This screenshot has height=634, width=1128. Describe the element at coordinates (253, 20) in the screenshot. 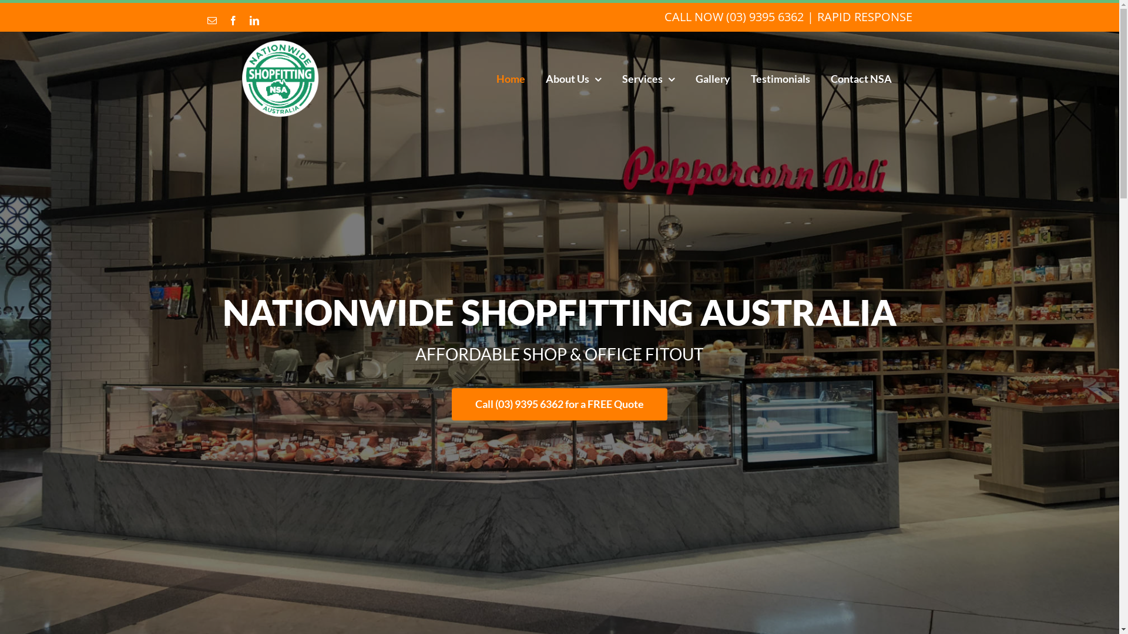

I see `'LinkedIn'` at that location.